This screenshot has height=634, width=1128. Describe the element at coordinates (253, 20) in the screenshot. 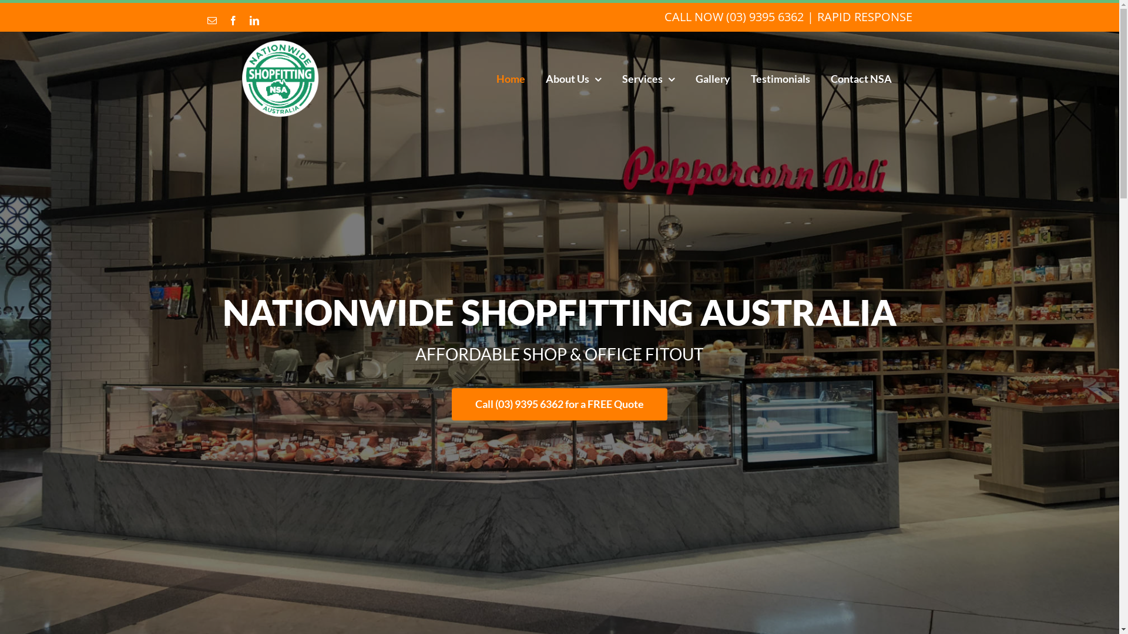

I see `'LinkedIn'` at that location.